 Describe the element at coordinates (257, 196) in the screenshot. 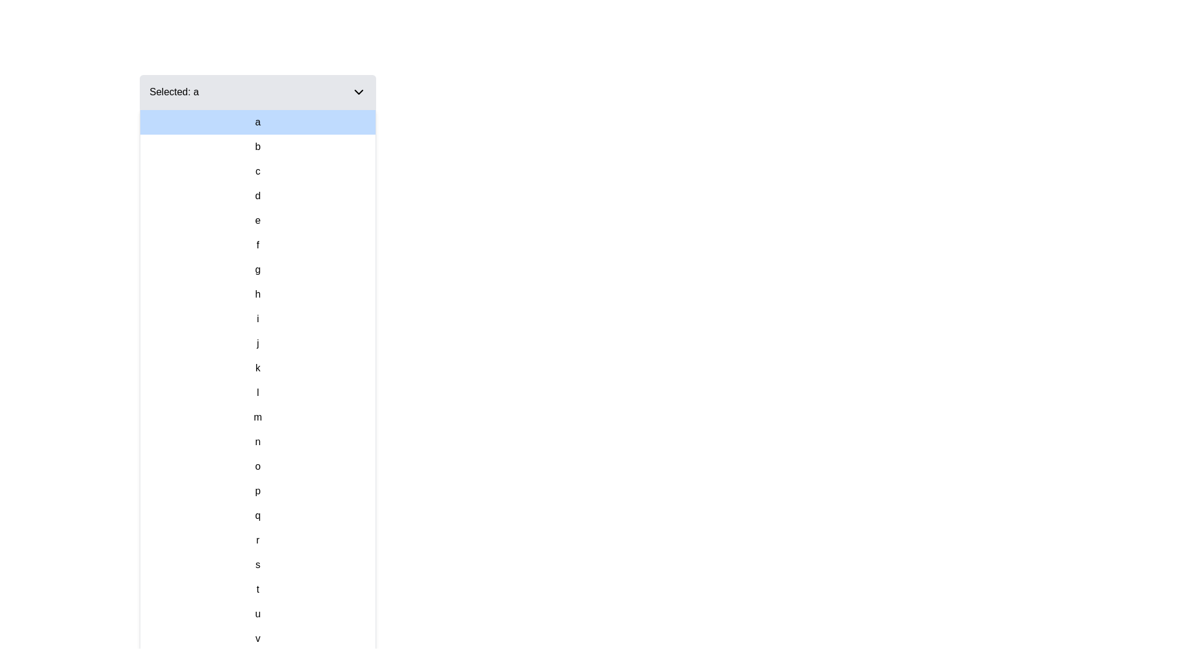

I see `to select the dropdown list item containing the letter 'd', which is the fourth row in the vertical list of alphabetic characters` at that location.